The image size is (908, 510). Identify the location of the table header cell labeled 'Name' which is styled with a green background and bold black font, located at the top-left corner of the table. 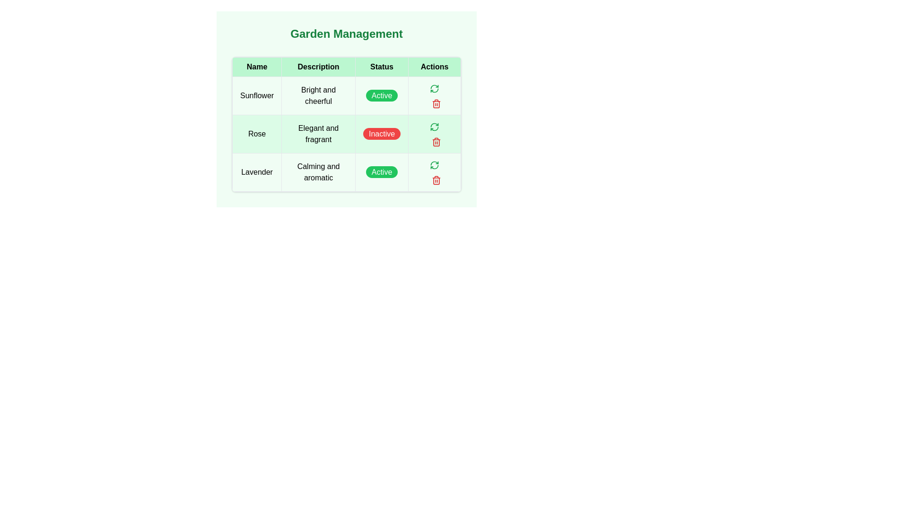
(257, 67).